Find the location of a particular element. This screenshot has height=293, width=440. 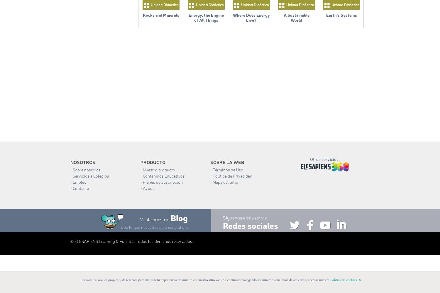

'Nuestro producto' is located at coordinates (159, 169).